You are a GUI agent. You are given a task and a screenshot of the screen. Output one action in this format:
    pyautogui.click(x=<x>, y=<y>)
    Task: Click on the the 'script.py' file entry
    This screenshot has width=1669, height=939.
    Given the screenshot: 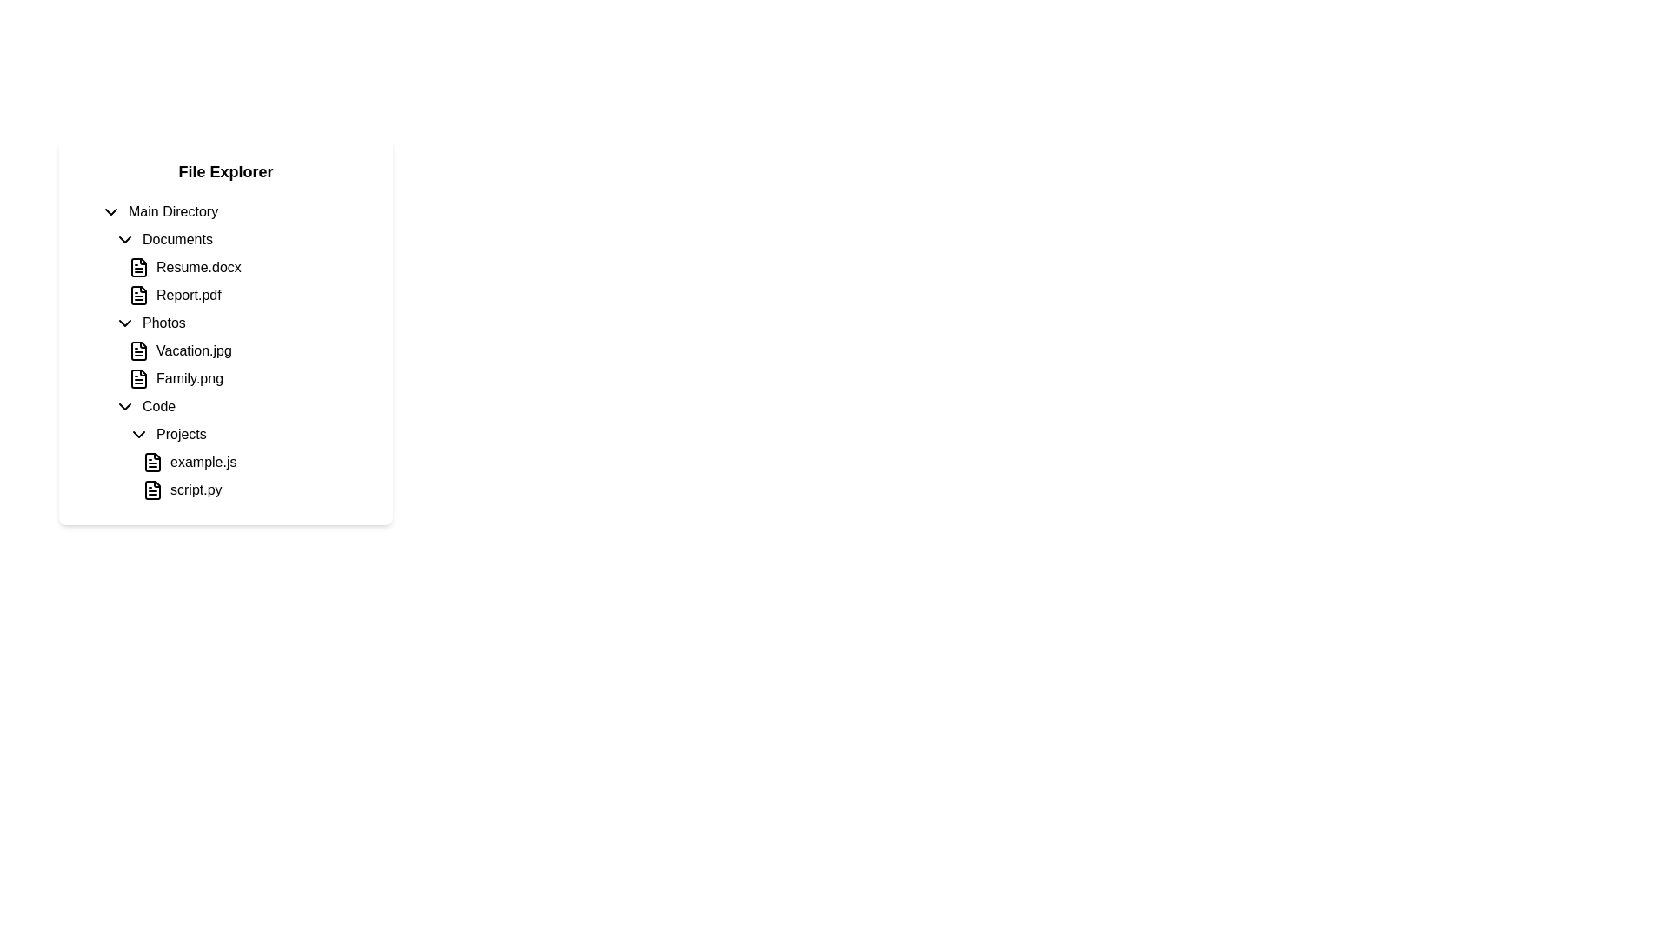 What is the action you would take?
    pyautogui.click(x=245, y=489)
    